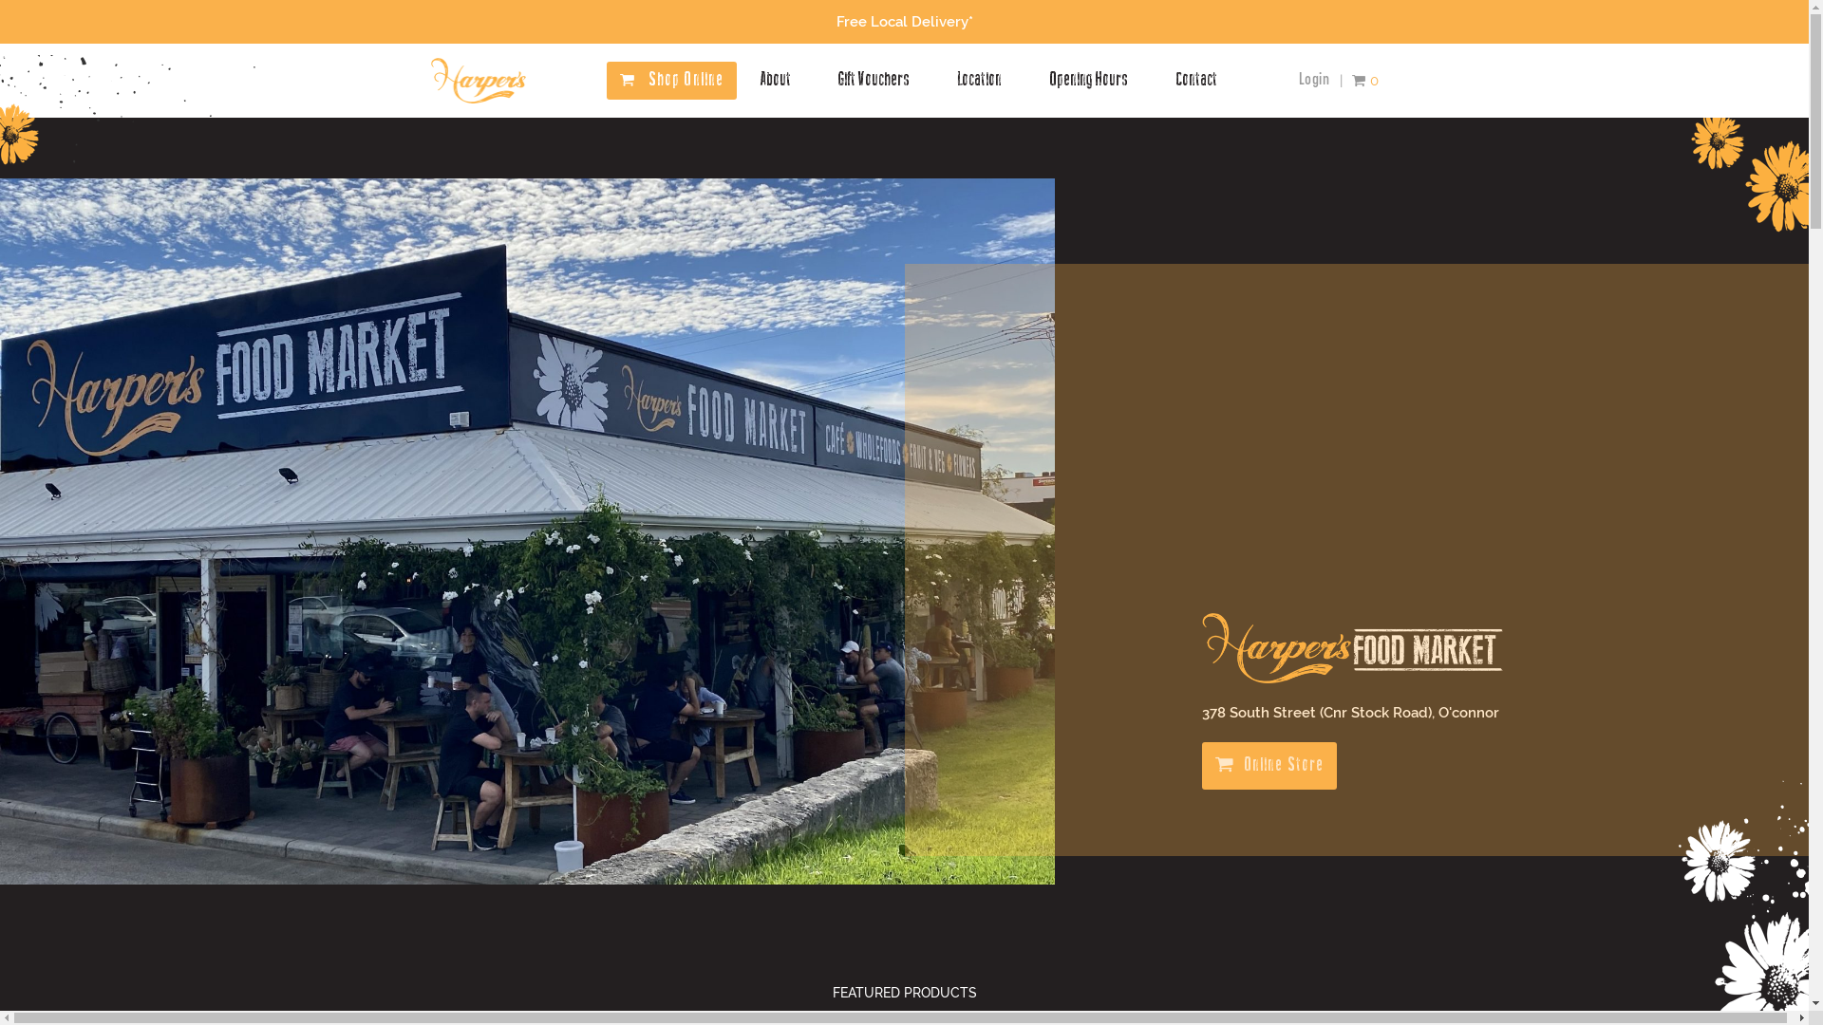 This screenshot has height=1025, width=1823. I want to click on 'Location', so click(957, 79).